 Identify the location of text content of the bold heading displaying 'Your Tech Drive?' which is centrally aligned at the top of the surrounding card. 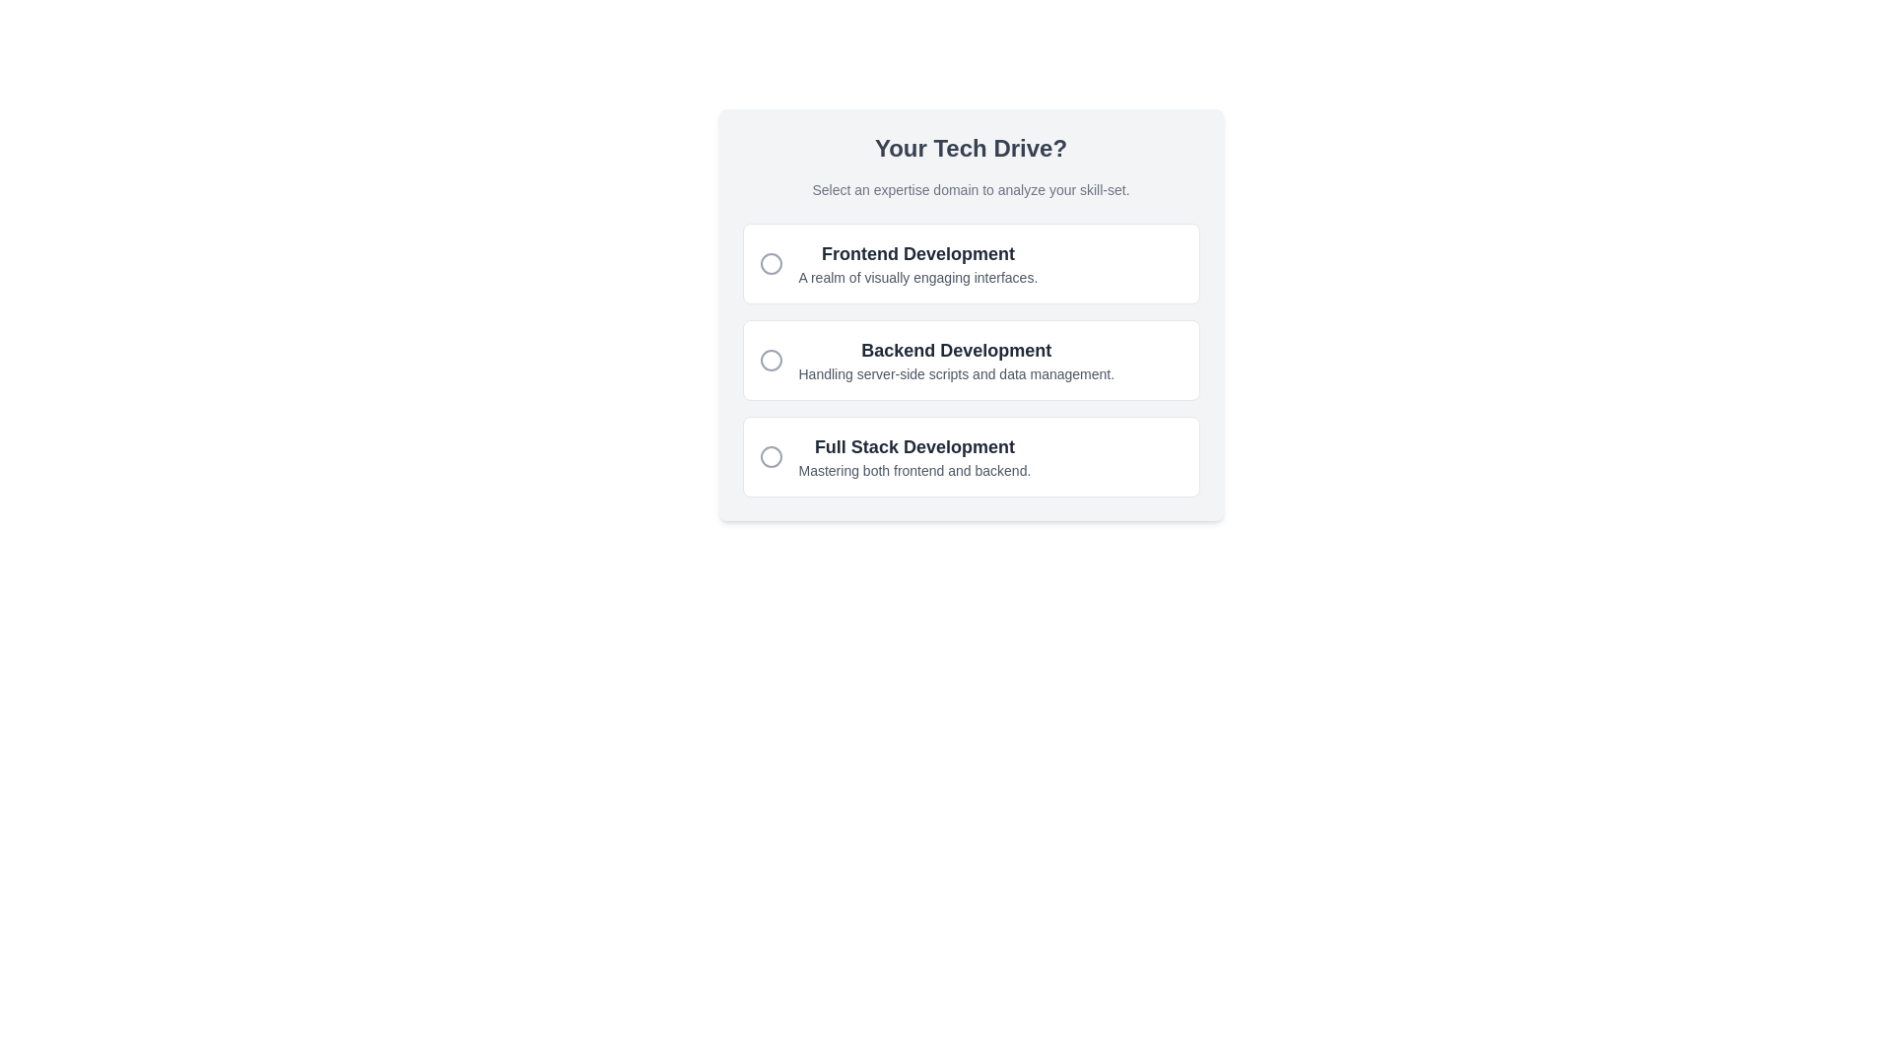
(971, 147).